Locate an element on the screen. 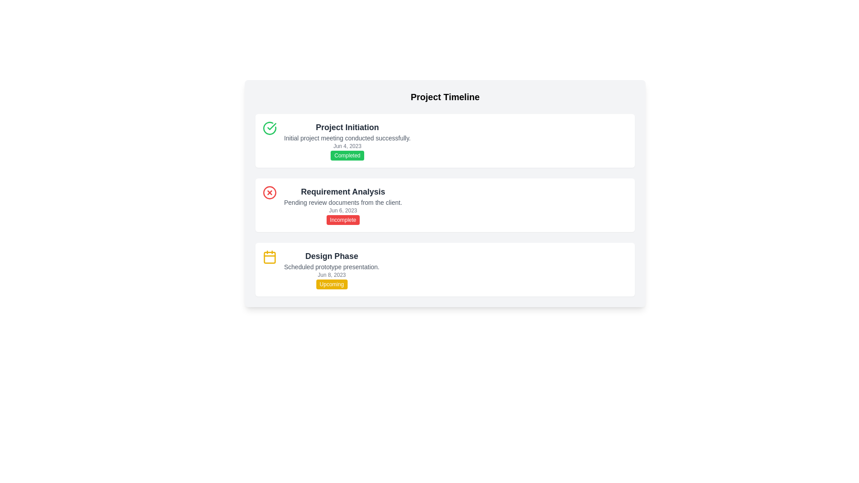 The height and width of the screenshot is (483, 859). the visual indicator icon showing the completion of the 'Project Initiation' phase located in the upper-left corner of the 'Project Initiation' section under 'Project Timeline' is located at coordinates (271, 126).